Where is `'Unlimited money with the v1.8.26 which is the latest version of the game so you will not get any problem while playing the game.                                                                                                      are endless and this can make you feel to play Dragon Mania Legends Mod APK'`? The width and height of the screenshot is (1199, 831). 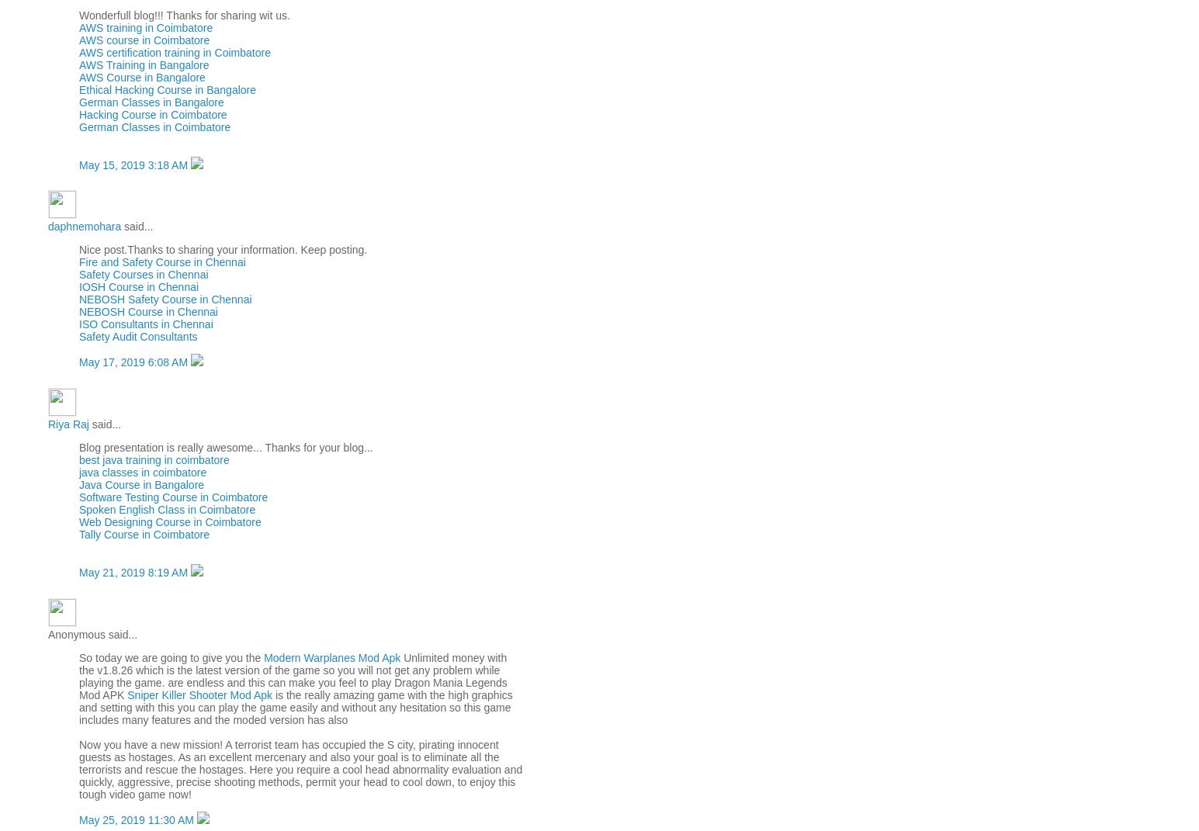
'Unlimited money with the v1.8.26 which is the latest version of the game so you will not get any problem while playing the game.                                                                                                      are endless and this can make you feel to play Dragon Mania Legends Mod APK' is located at coordinates (292, 676).